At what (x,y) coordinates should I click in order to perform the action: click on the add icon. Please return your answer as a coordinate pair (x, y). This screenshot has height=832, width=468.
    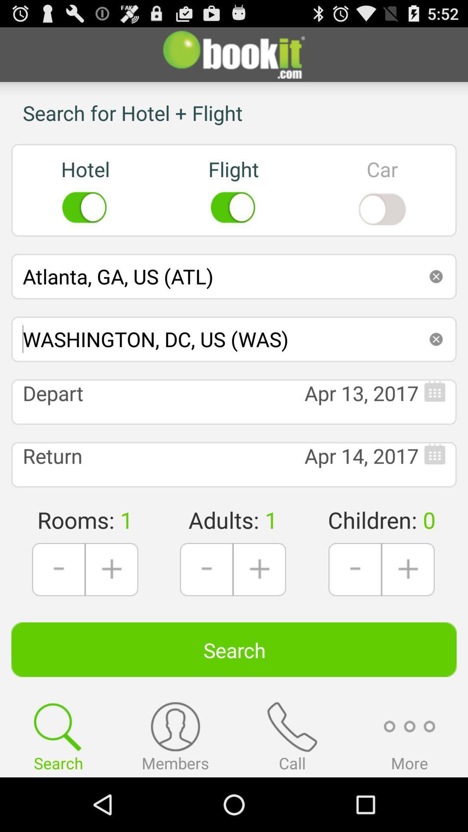
    Looking at the image, I should click on (111, 609).